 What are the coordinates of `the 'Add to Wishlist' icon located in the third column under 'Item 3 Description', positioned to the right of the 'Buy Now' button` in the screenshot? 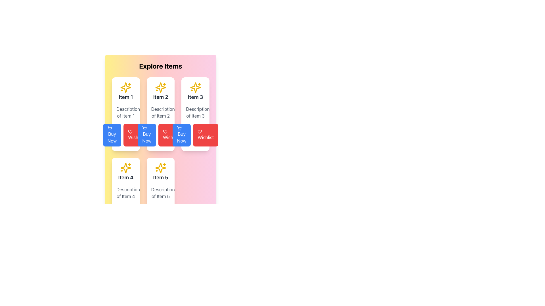 It's located at (130, 132).